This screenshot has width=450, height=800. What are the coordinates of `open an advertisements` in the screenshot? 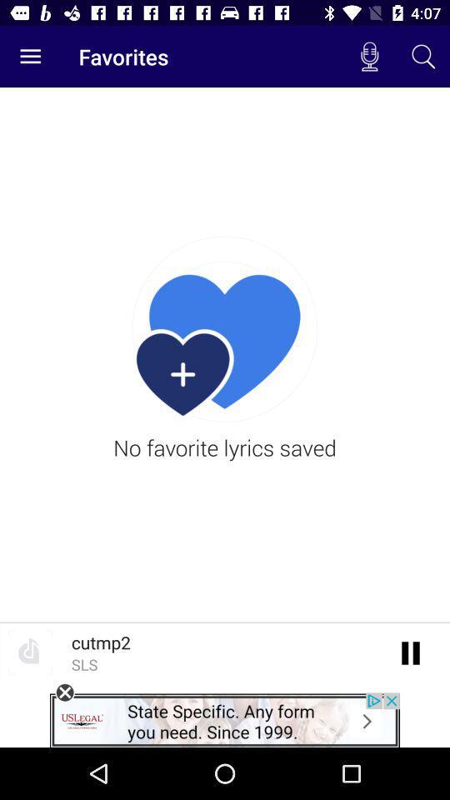 It's located at (225, 719).